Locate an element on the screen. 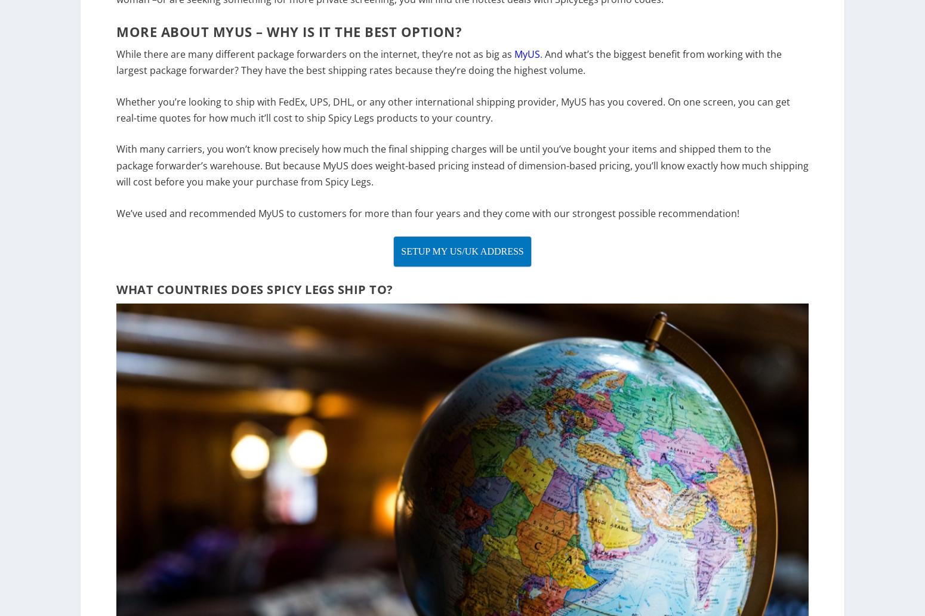  '. And what’s the biggest benefit from working with the largest' is located at coordinates (449, 70).